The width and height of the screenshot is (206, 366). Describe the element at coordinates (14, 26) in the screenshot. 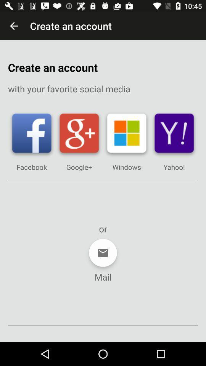

I see `the icon at the top left corner` at that location.